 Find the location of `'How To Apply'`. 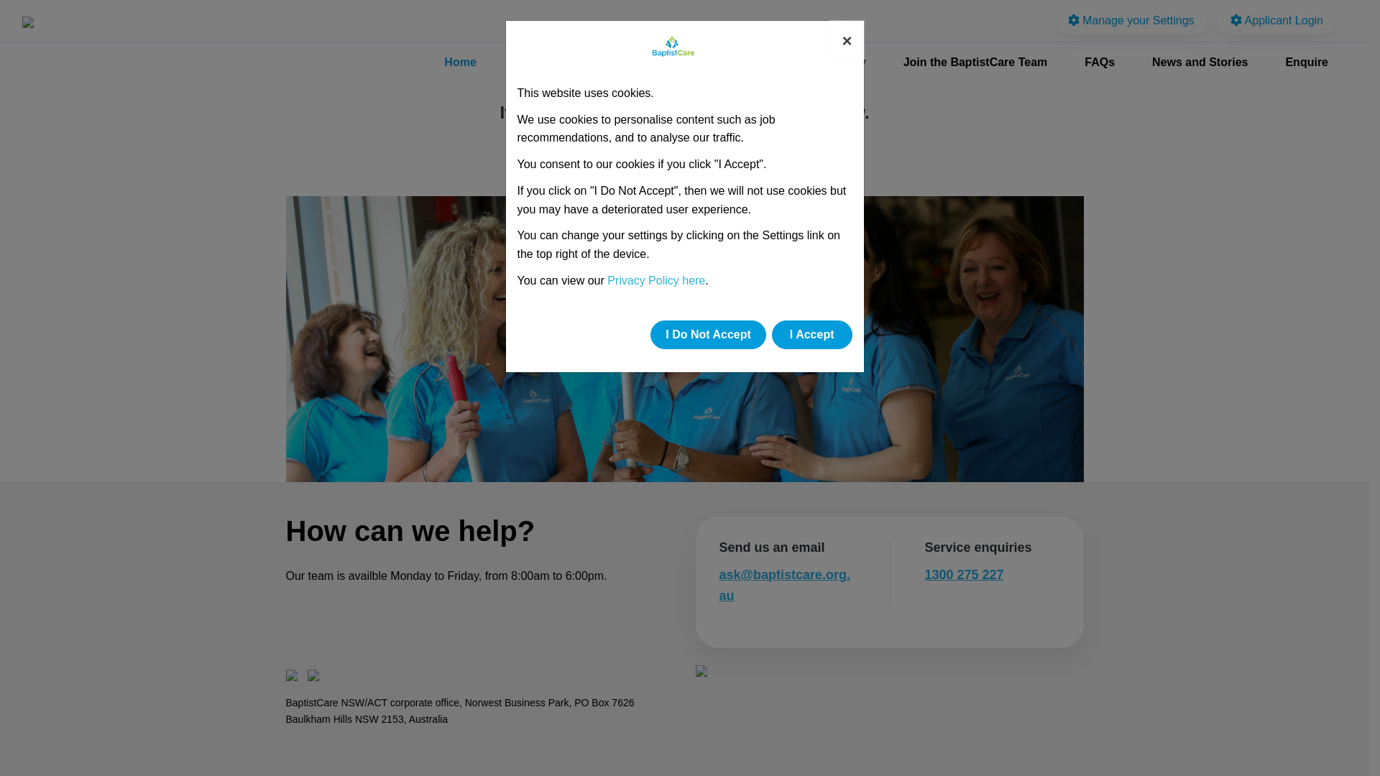

'How To Apply' is located at coordinates (778, 62).